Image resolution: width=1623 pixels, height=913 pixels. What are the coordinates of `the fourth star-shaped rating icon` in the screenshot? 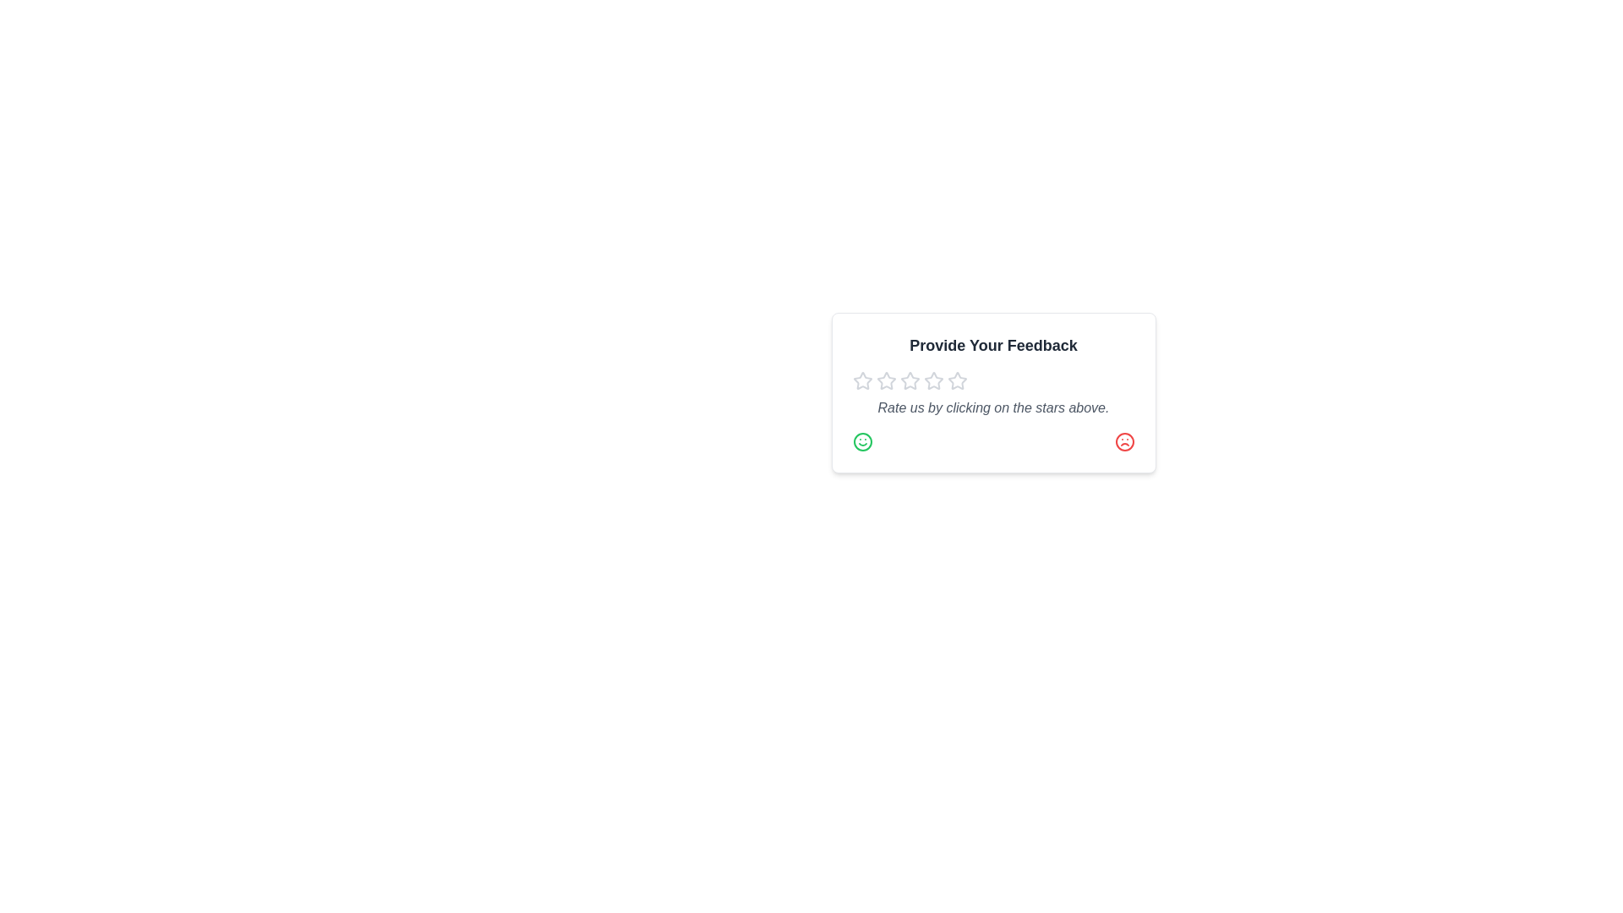 It's located at (932, 381).